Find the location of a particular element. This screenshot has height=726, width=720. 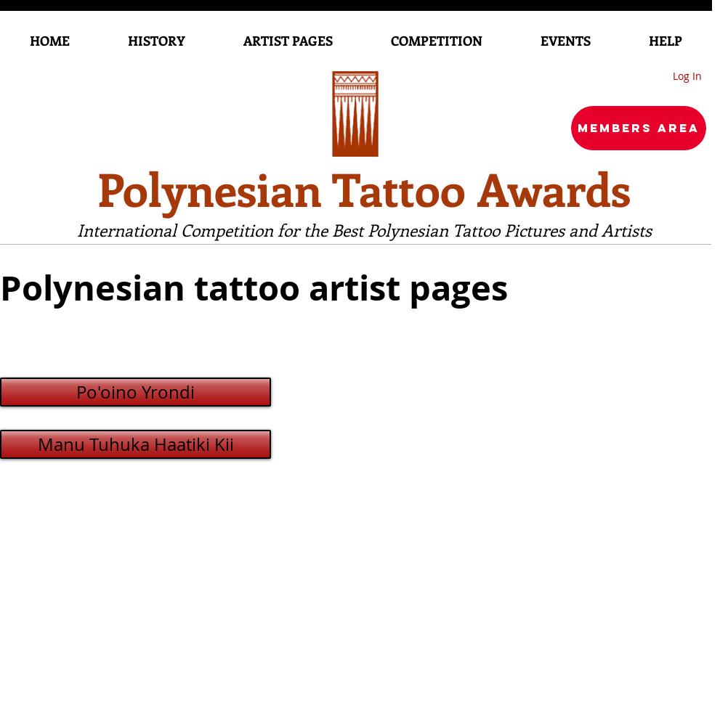

'HISTORY' is located at coordinates (155, 41).